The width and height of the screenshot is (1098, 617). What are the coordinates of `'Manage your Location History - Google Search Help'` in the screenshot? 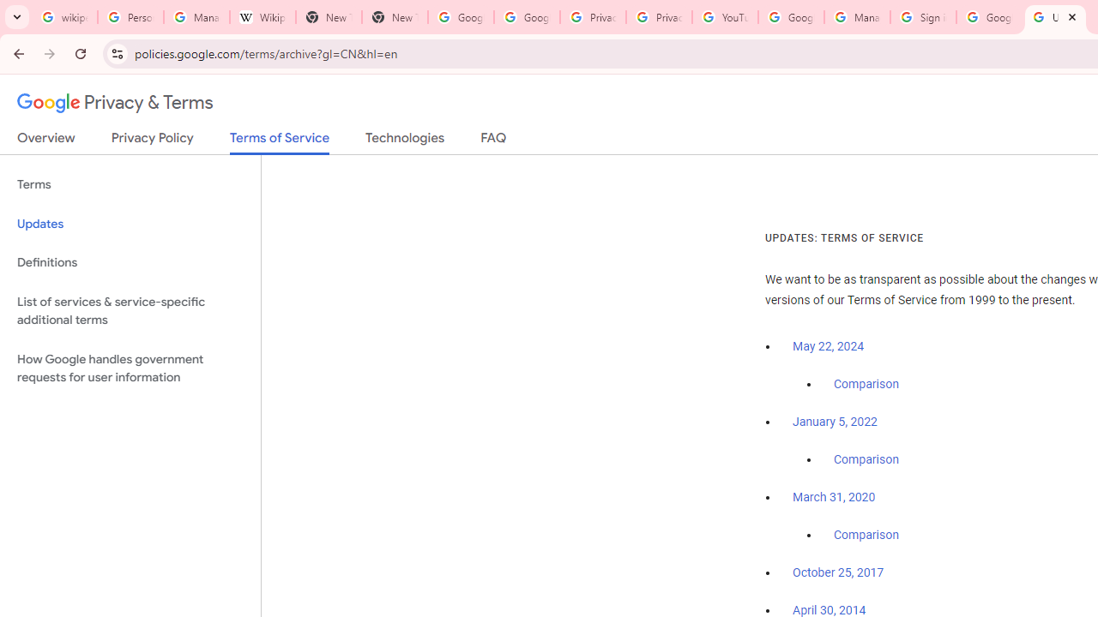 It's located at (196, 17).